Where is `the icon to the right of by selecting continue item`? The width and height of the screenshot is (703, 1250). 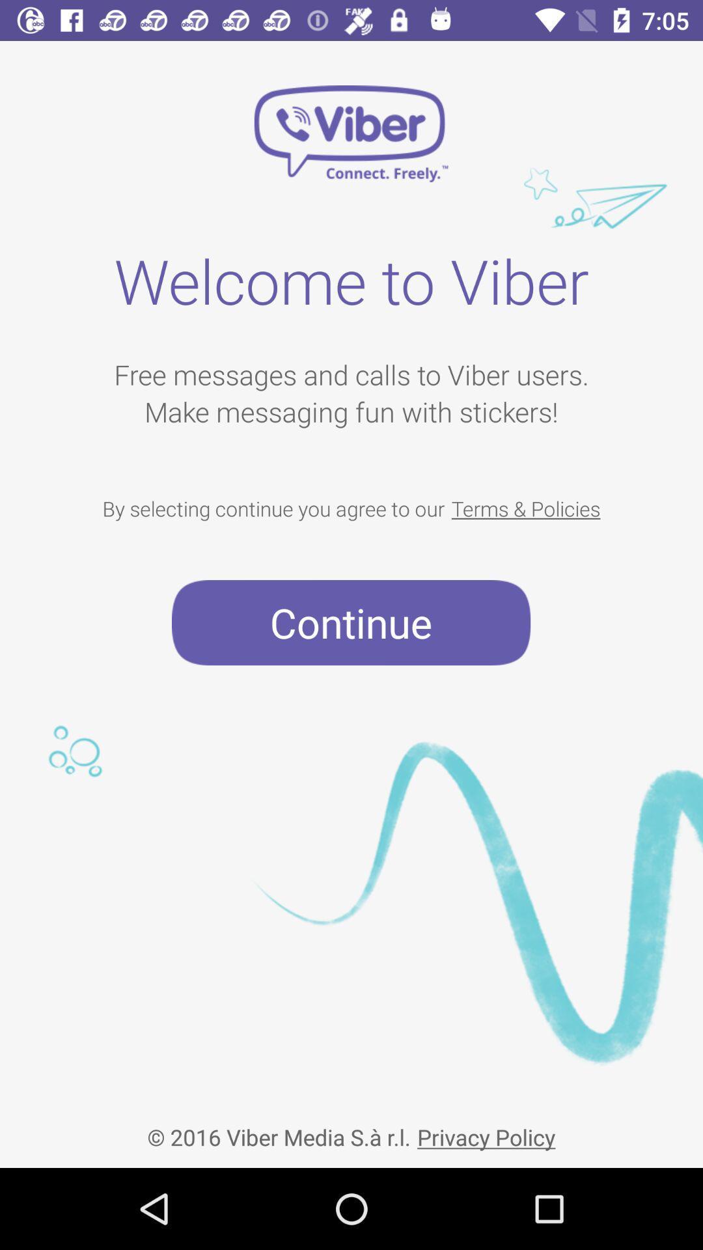
the icon to the right of by selecting continue item is located at coordinates (525, 508).